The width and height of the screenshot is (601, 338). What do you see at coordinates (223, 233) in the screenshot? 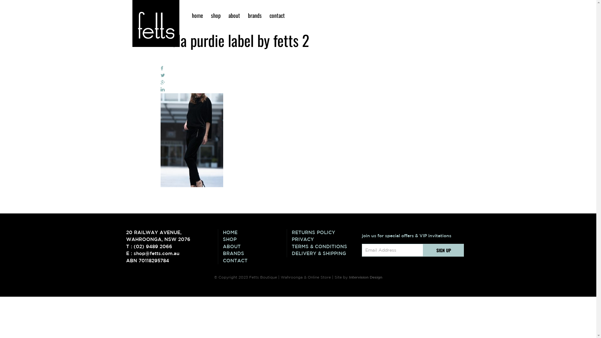
I see `'HOME'` at bounding box center [223, 233].